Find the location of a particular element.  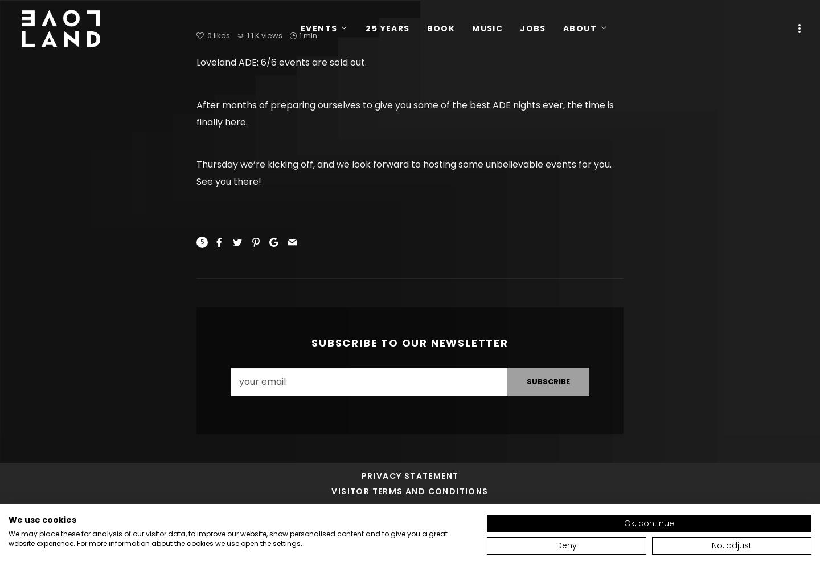

'0' is located at coordinates (210, 35).